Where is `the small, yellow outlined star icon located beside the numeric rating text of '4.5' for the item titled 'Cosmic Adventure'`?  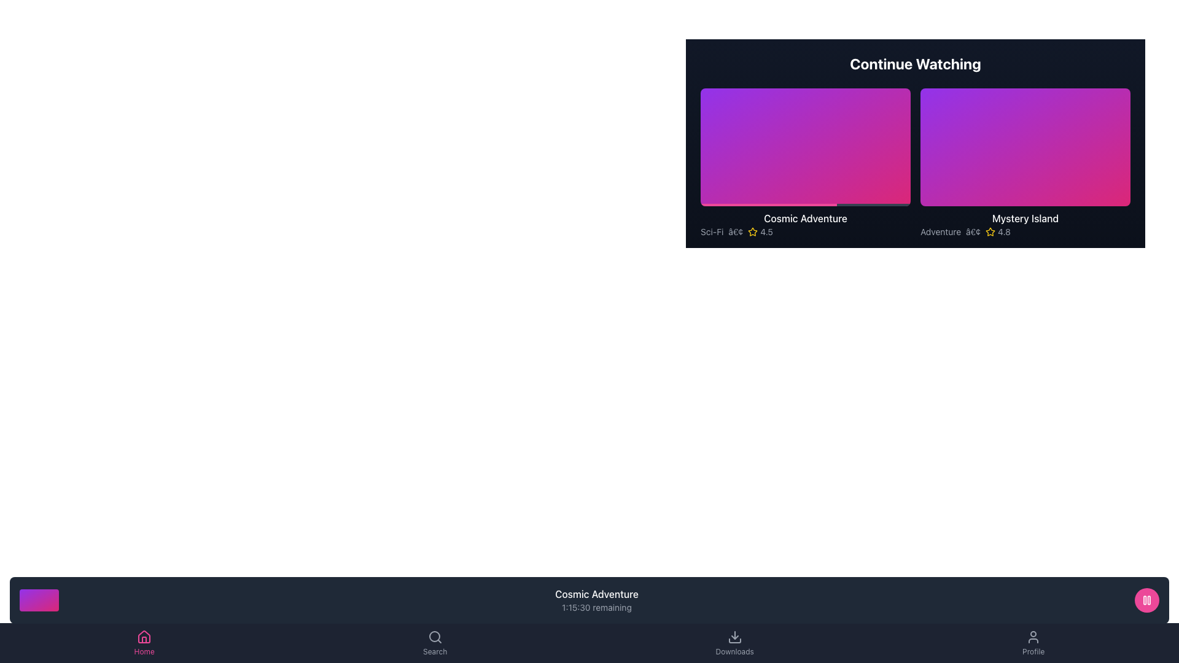 the small, yellow outlined star icon located beside the numeric rating text of '4.5' for the item titled 'Cosmic Adventure' is located at coordinates (752, 232).